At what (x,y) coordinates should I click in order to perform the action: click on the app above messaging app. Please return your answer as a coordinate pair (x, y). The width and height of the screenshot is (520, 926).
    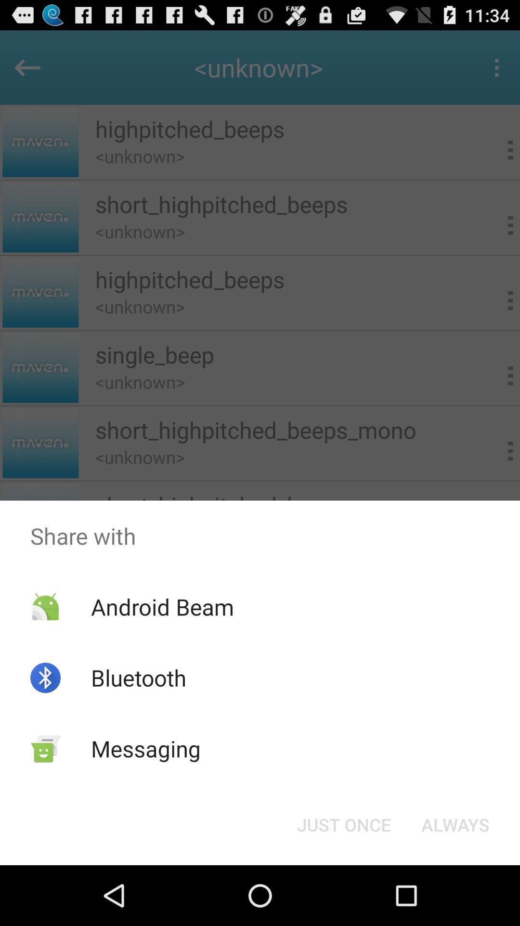
    Looking at the image, I should click on (139, 677).